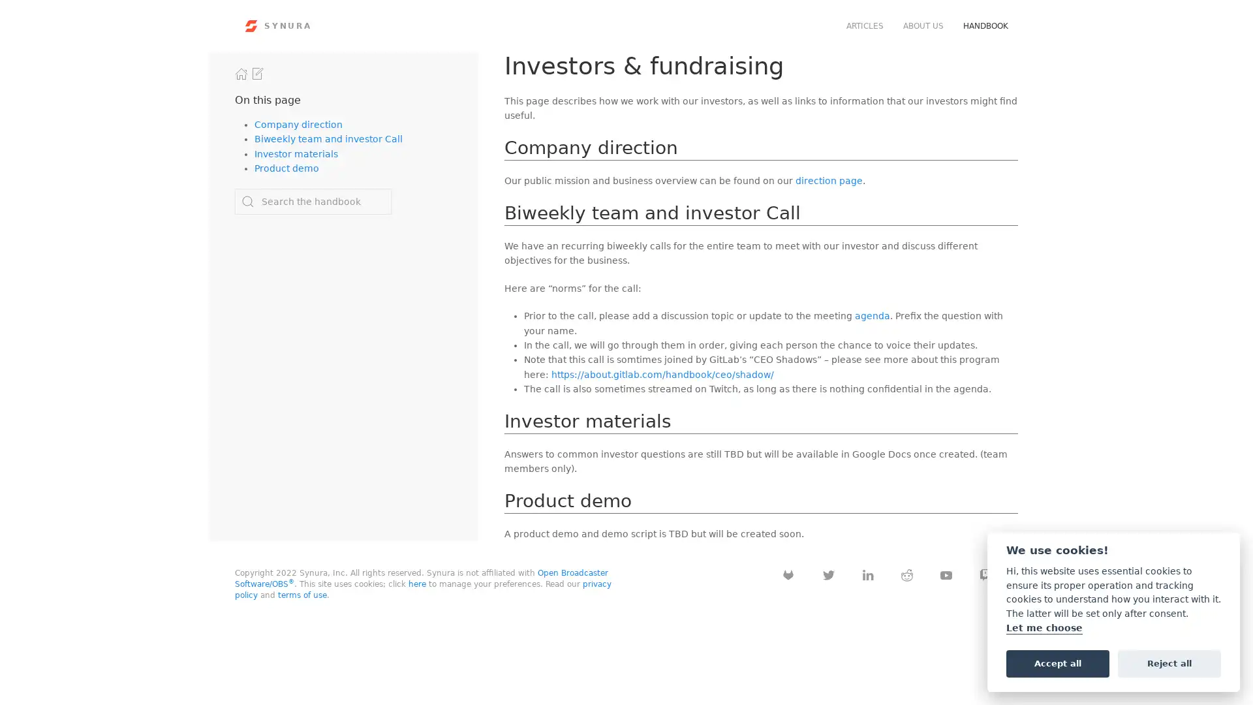 The width and height of the screenshot is (1253, 705). I want to click on Reject all, so click(1169, 663).